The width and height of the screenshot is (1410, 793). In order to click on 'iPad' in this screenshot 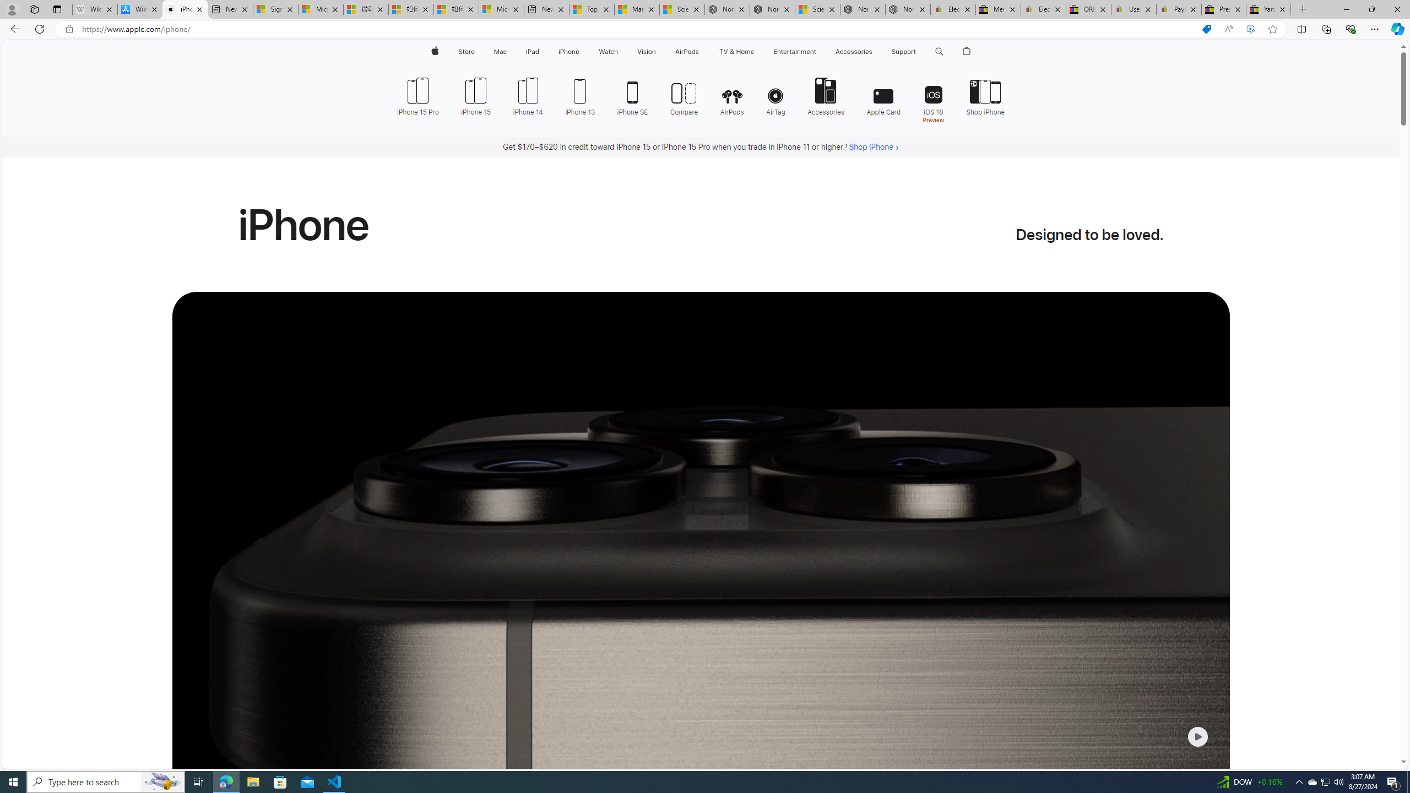, I will do `click(532, 51)`.